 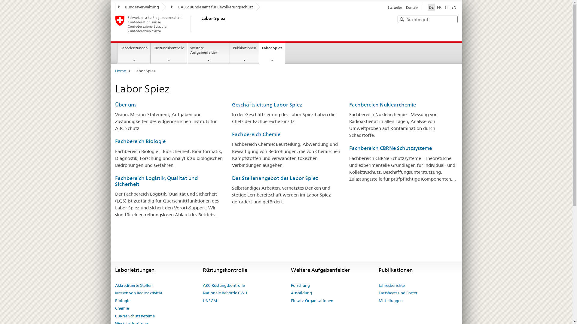 What do you see at coordinates (454, 7) in the screenshot?
I see `'EN'` at bounding box center [454, 7].